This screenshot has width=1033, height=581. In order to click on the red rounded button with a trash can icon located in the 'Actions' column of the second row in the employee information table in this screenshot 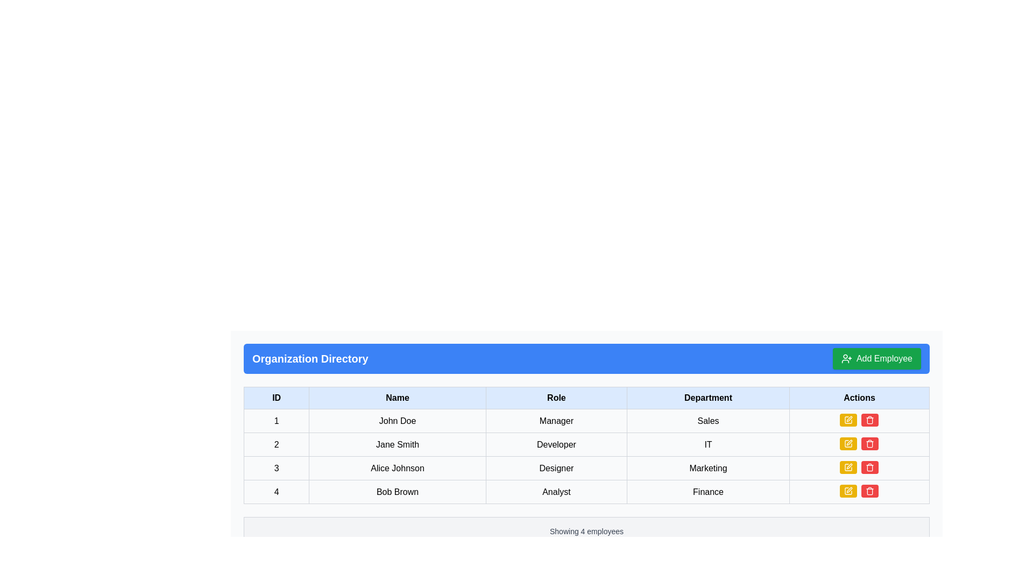, I will do `click(870, 444)`.